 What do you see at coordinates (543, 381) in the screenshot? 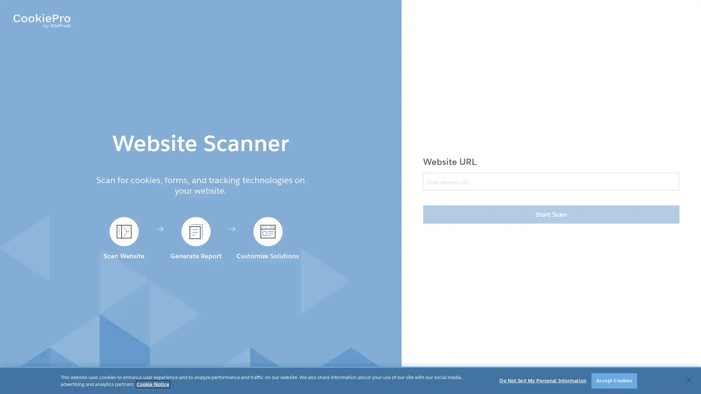
I see `Do Not Sell My Personal Information` at bounding box center [543, 381].